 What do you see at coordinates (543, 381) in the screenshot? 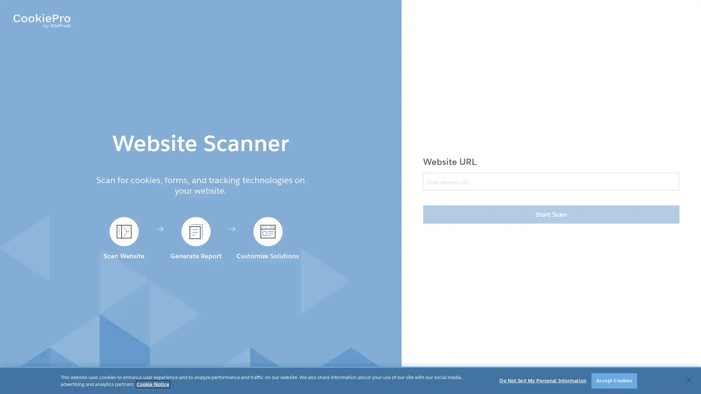
I see `Do Not Sell My Personal Information` at bounding box center [543, 381].